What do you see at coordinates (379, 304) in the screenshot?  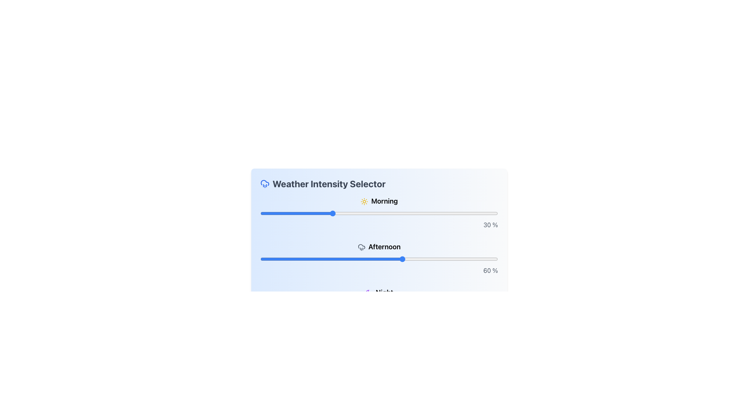 I see `the slider that adjusts a value between 0 and 100, located below the 'Night' label, to potentially view tooltips` at bounding box center [379, 304].